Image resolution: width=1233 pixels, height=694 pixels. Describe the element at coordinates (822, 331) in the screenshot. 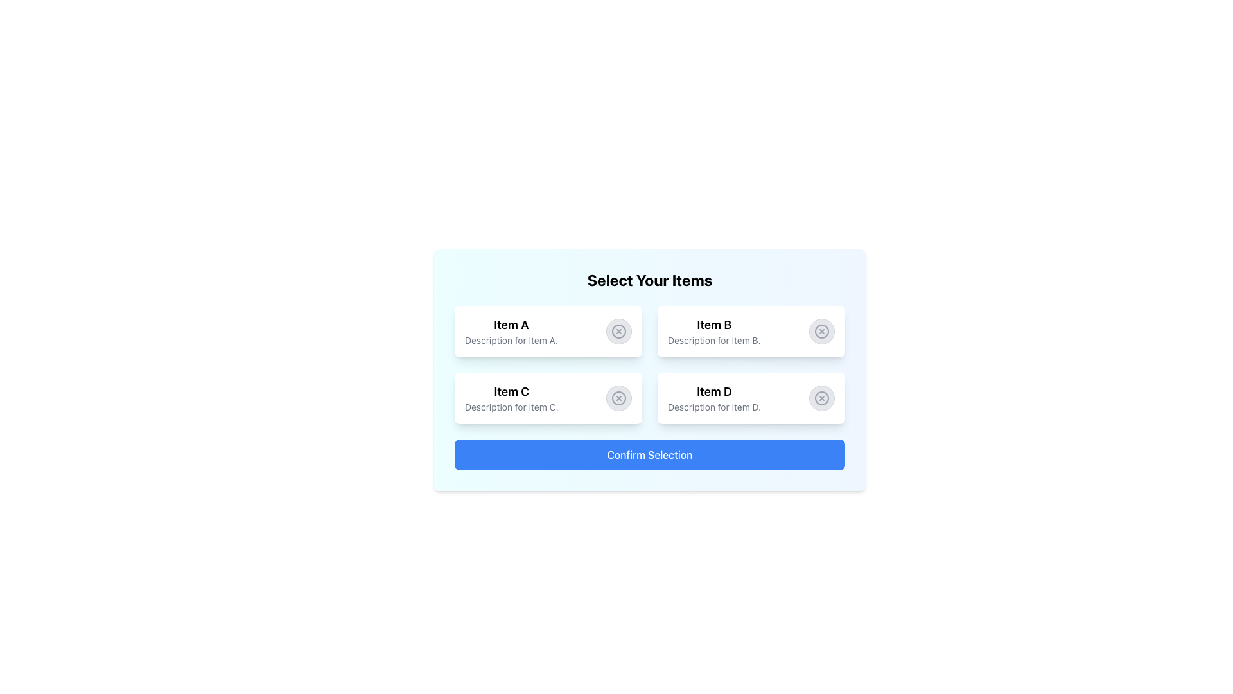

I see `the circular button with a gray border and 'X' icon located` at that location.